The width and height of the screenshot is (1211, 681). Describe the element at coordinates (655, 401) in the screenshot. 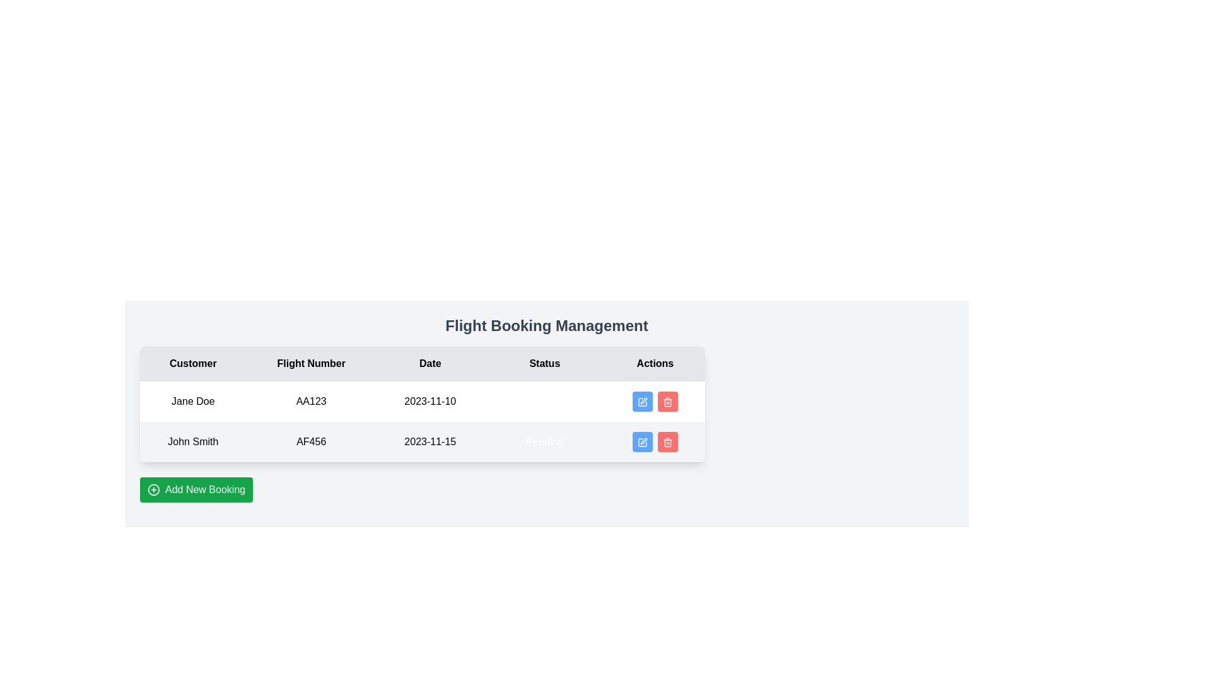

I see `the delete button located in the 'Actions' column, aligned to the right of the first row of the table, next to a blue 'edit' button` at that location.